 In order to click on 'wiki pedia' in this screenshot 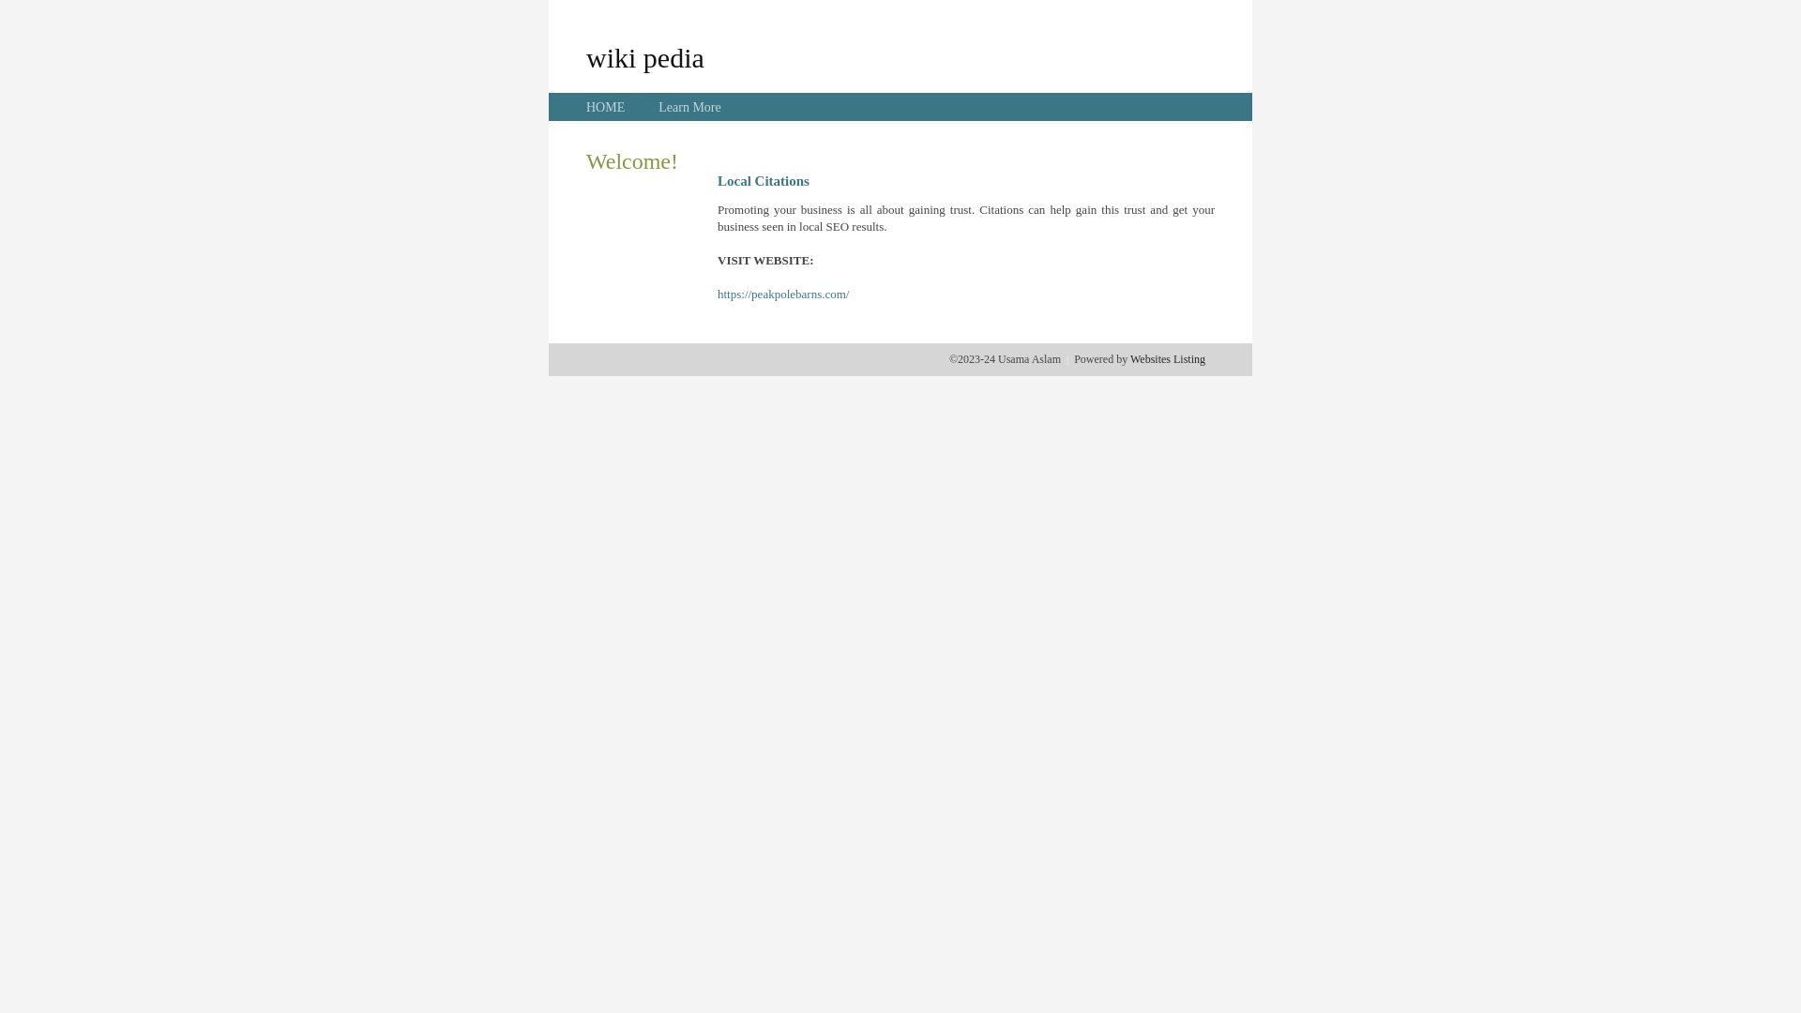, I will do `click(644, 56)`.